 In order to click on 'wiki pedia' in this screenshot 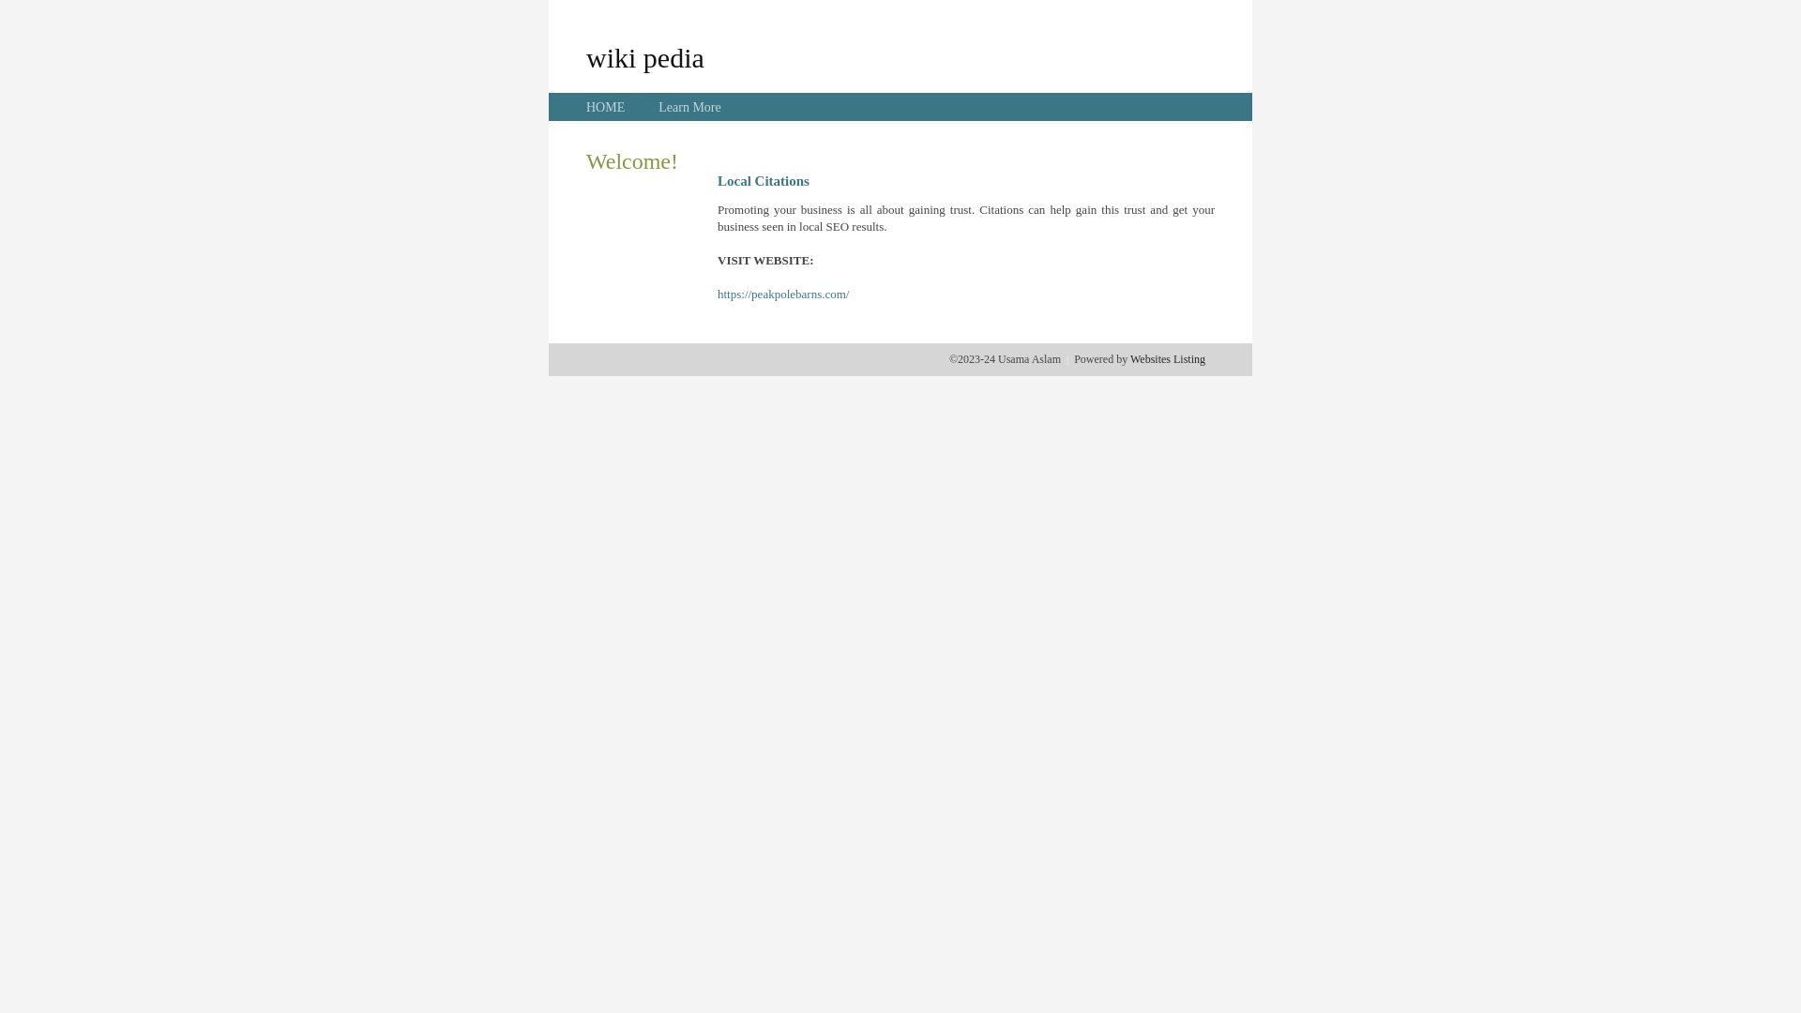, I will do `click(644, 56)`.